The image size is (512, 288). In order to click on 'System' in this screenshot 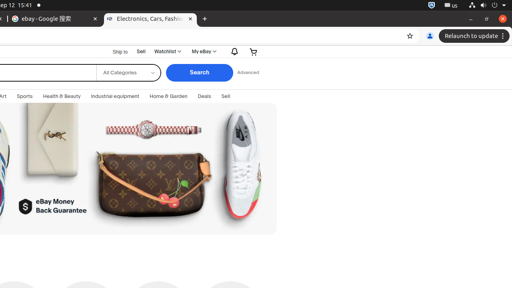, I will do `click(487, 5)`.